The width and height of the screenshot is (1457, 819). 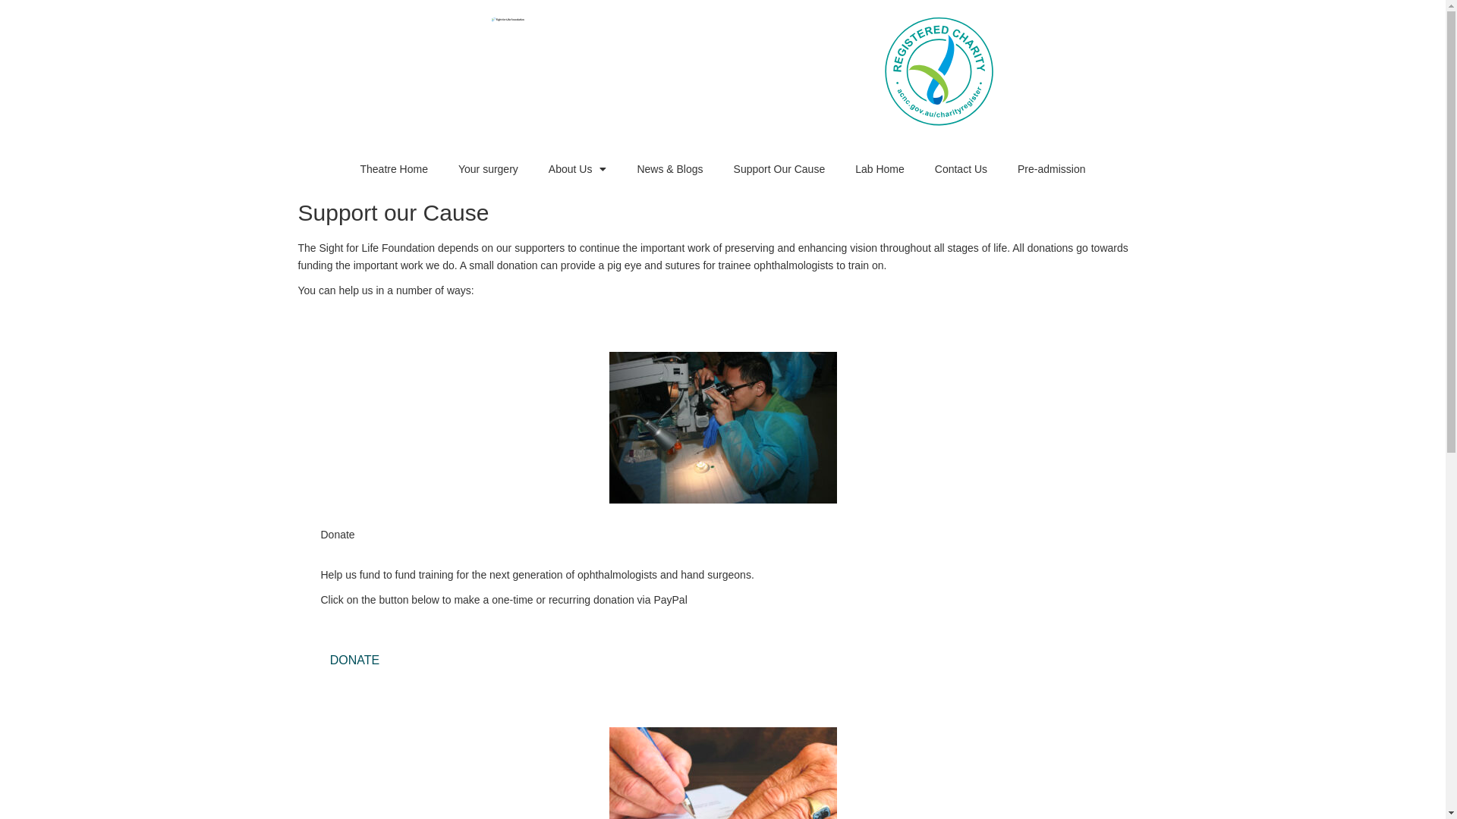 I want to click on 'Pre-admission', so click(x=1002, y=169).